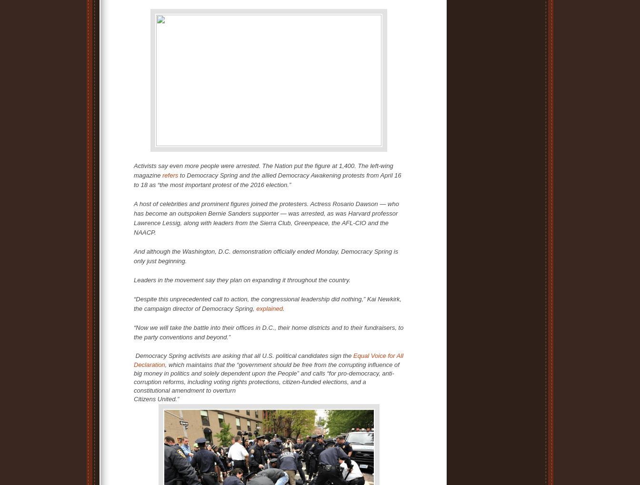 The image size is (640, 485). What do you see at coordinates (243, 355) in the screenshot?
I see `'Democracy Spring activists are asking that all U.S. political candidates sign the'` at bounding box center [243, 355].